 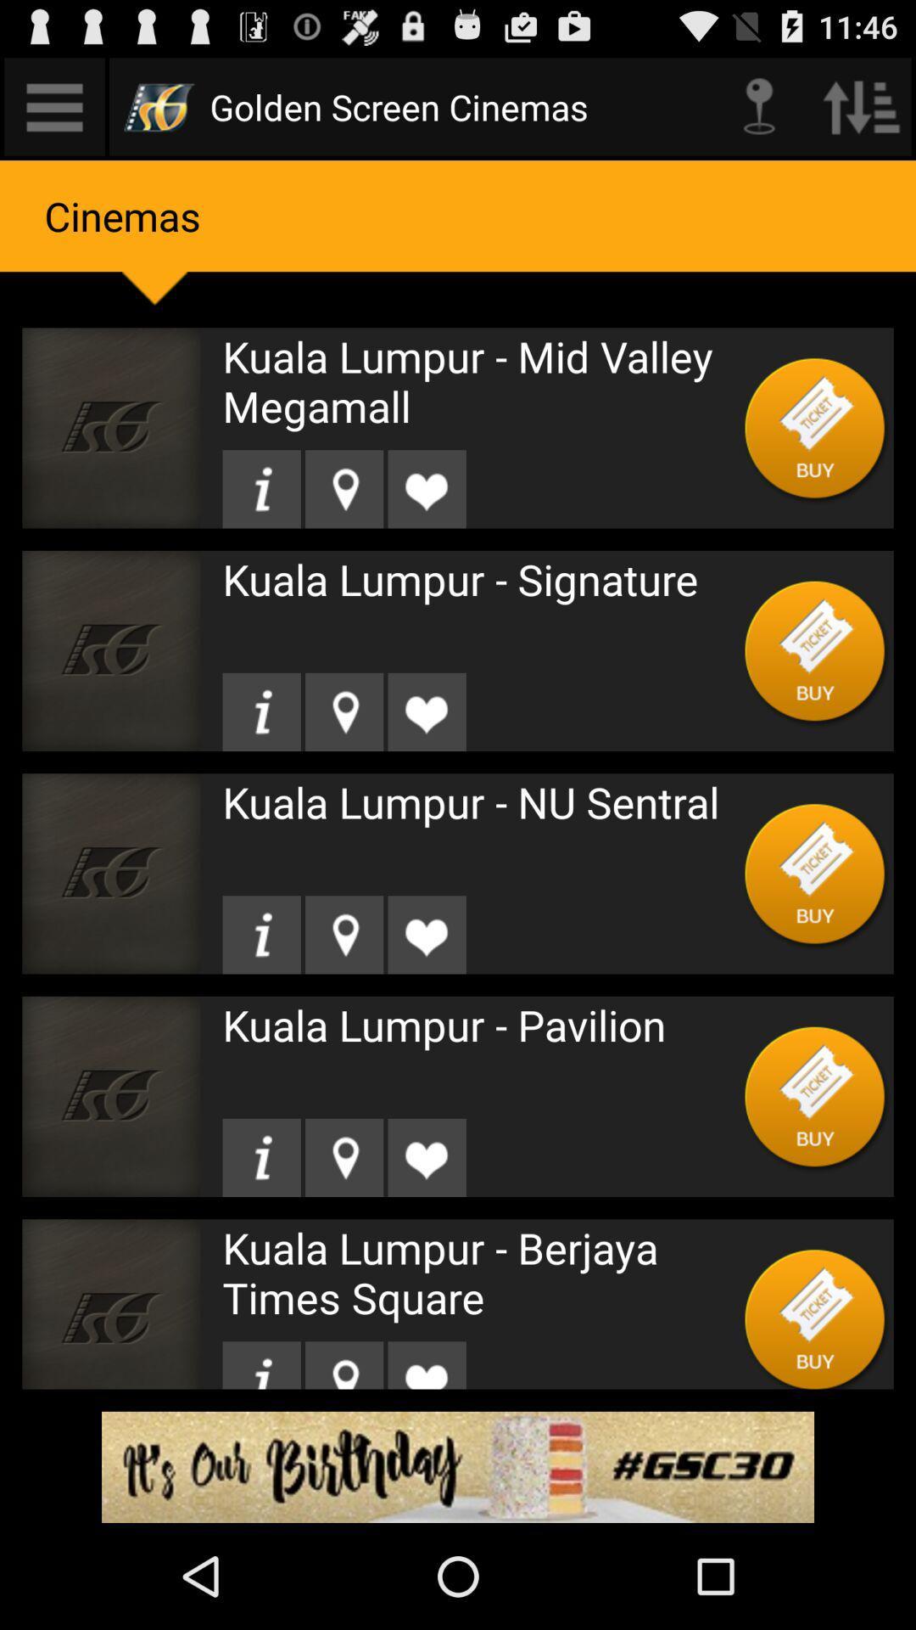 I want to click on buy ticket, so click(x=814, y=649).